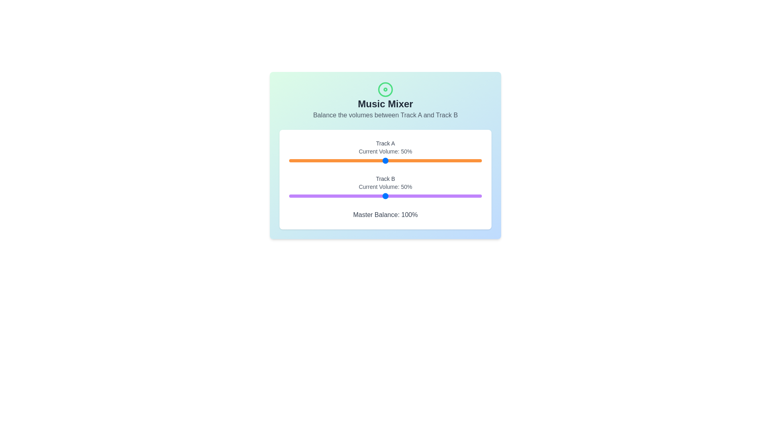  I want to click on the volume slider for Track B to 14%, so click(316, 196).